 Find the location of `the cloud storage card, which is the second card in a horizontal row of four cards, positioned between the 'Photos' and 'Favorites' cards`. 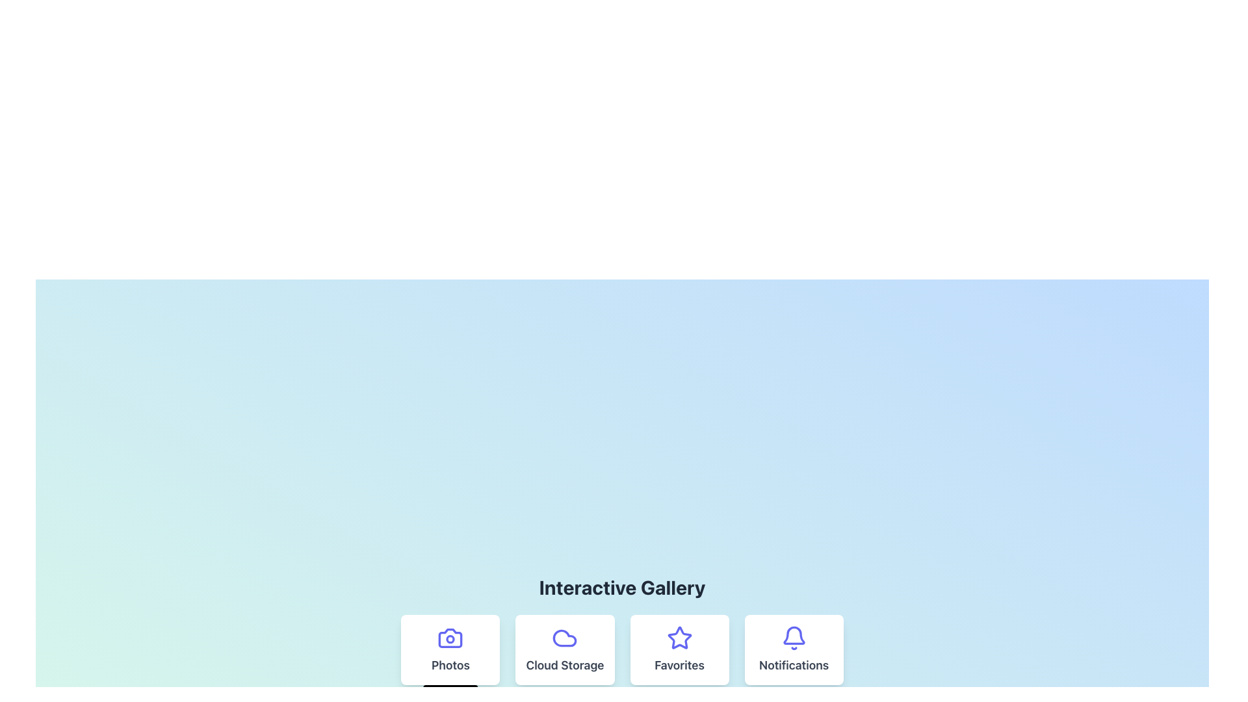

the cloud storage card, which is the second card in a horizontal row of four cards, positioned between the 'Photos' and 'Favorites' cards is located at coordinates (565, 649).